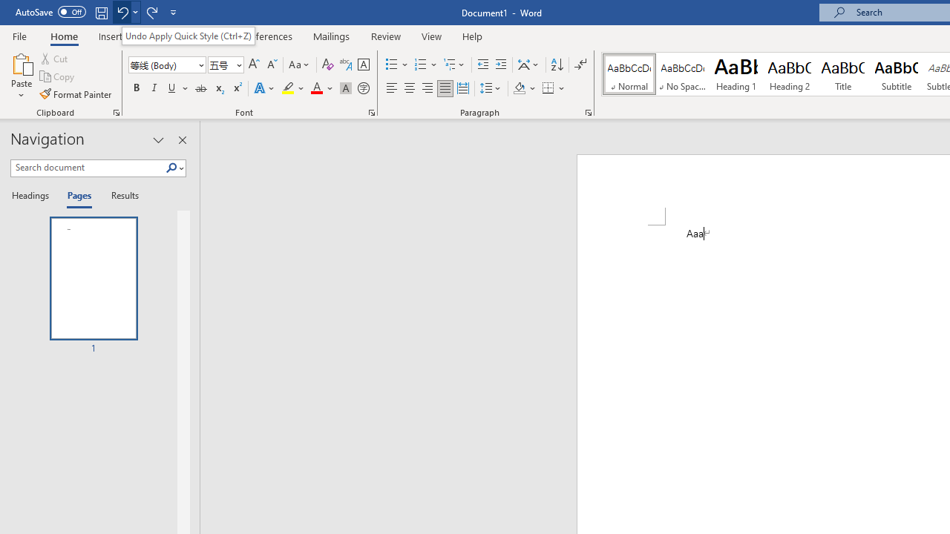  I want to click on 'Character Border', so click(363, 64).